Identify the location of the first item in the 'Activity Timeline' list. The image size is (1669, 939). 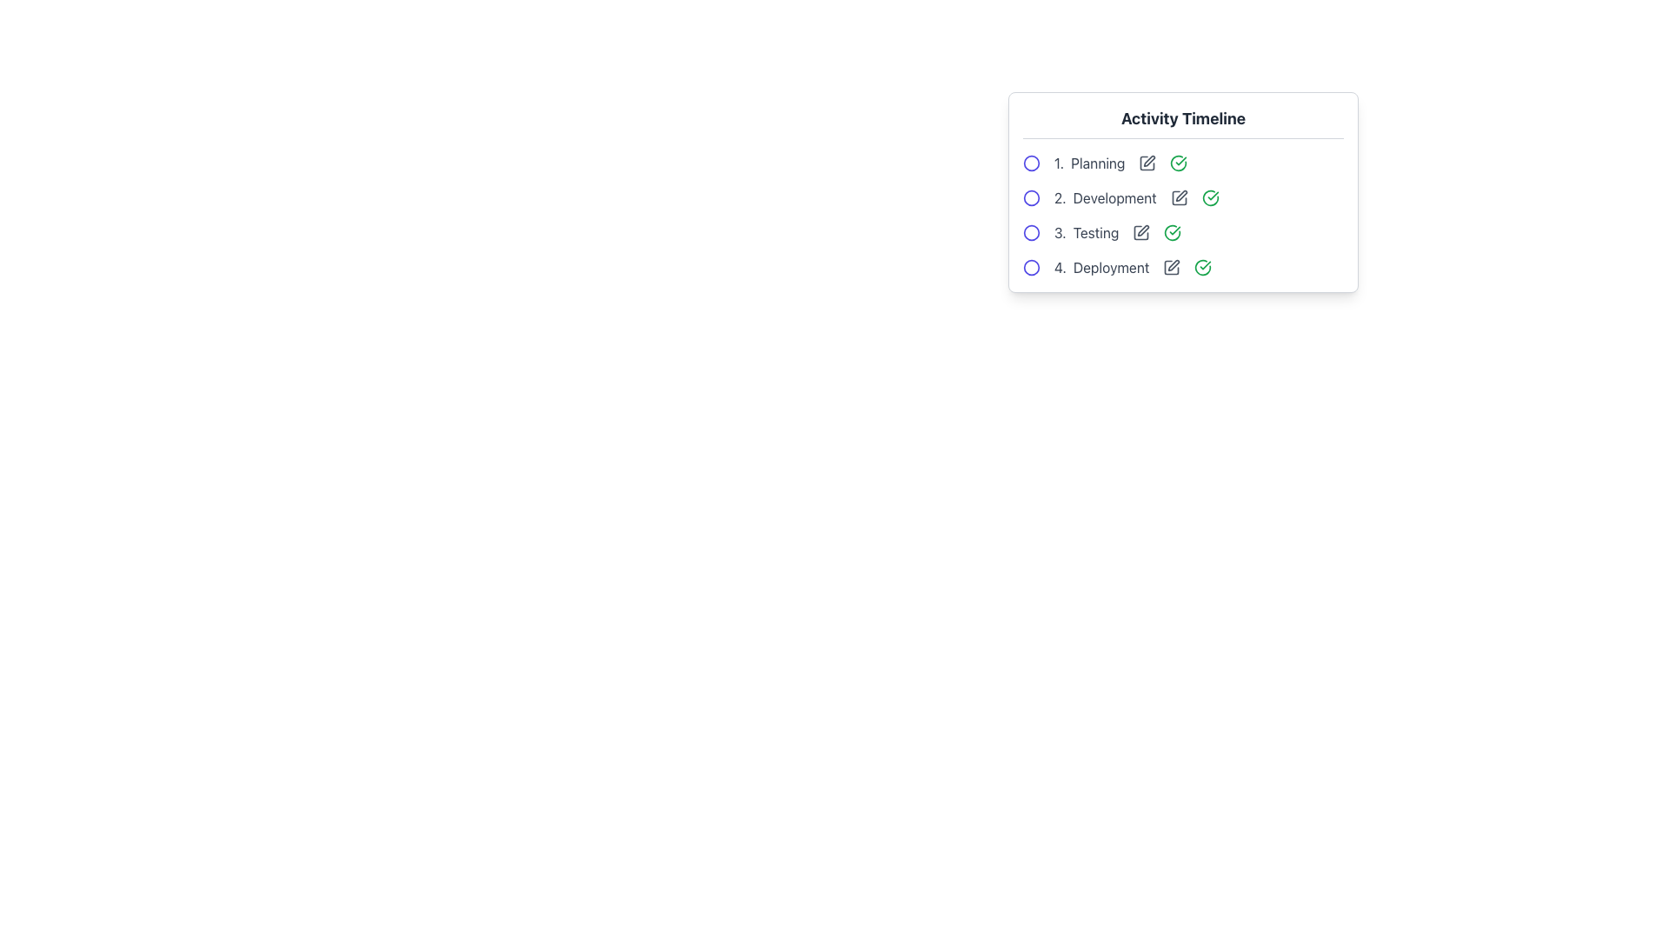
(1182, 163).